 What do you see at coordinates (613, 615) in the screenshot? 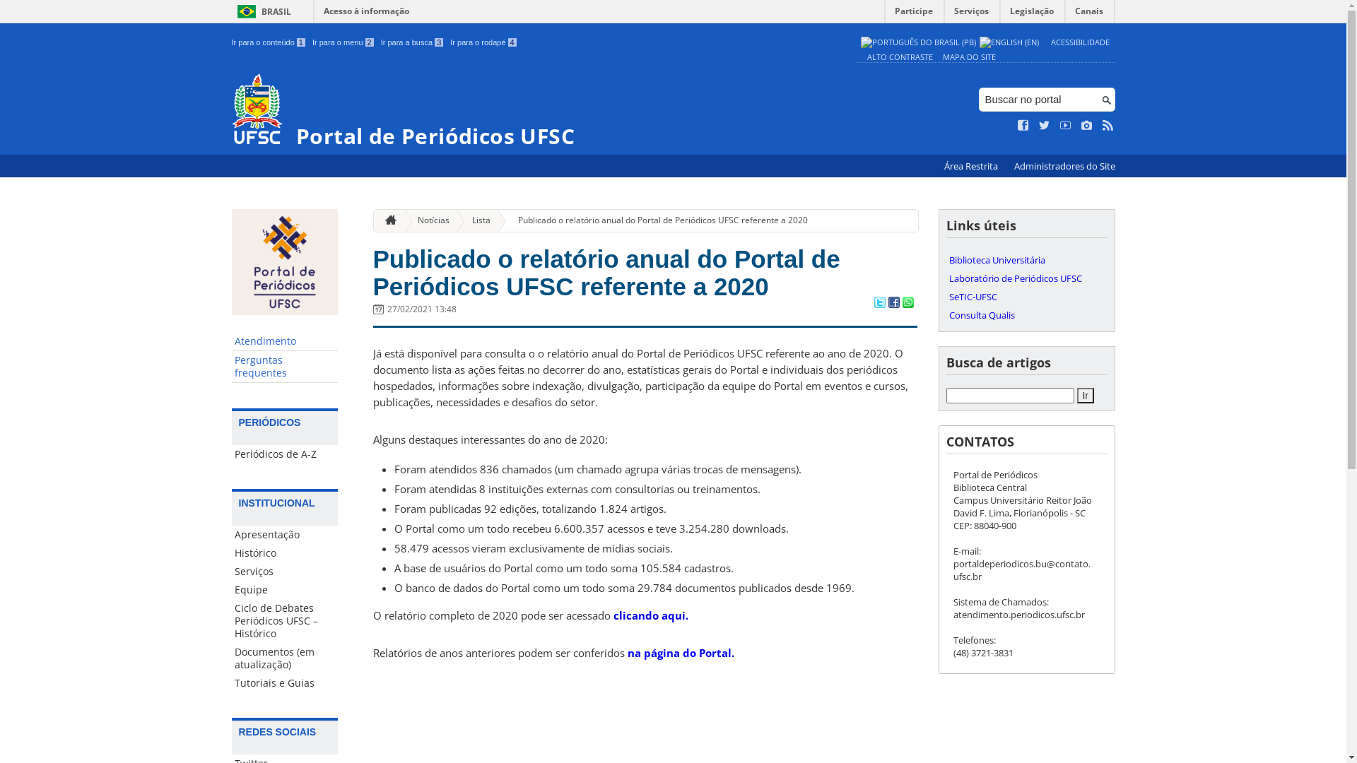
I see `'clicando aqui.'` at bounding box center [613, 615].